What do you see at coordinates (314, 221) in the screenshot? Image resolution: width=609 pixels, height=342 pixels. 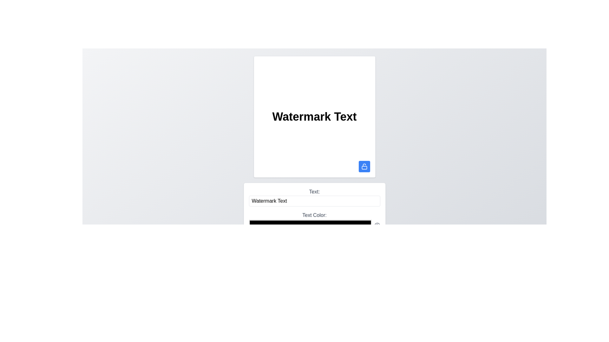 I see `the associated color value from the Label with the color picker input located in the 'Text:' box, which is centrally aligned below 'Watermark Text' and above 'Rotation:'` at bounding box center [314, 221].